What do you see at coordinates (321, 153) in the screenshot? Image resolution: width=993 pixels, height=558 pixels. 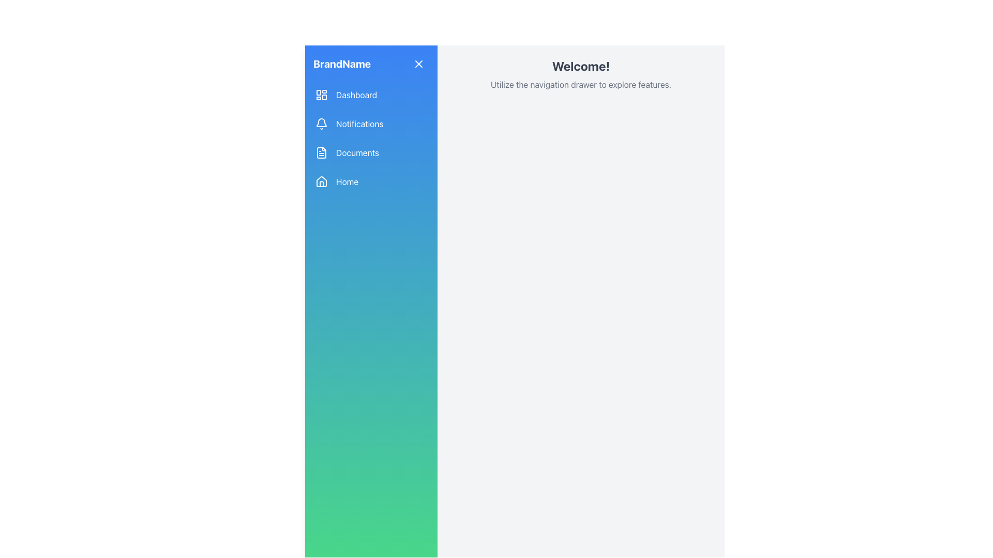 I see `the main rectangular portion of the 'Documents' icon in the navigation menu, which is the third item below 'Notifications' and above 'Home'` at bounding box center [321, 153].